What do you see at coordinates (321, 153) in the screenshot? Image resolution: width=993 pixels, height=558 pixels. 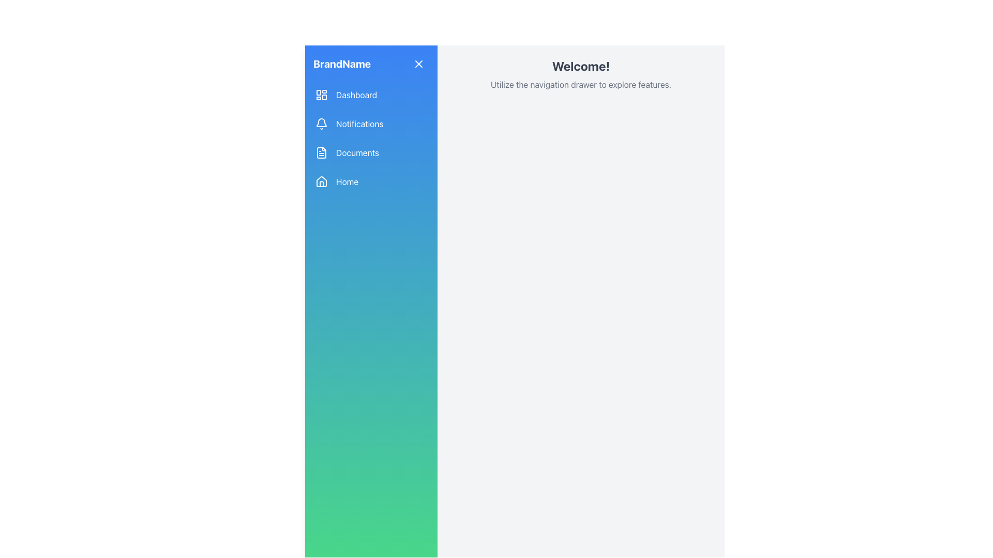 I see `the main rectangular portion of the 'Documents' icon in the navigation menu, which is the third item below 'Notifications' and above 'Home'` at bounding box center [321, 153].